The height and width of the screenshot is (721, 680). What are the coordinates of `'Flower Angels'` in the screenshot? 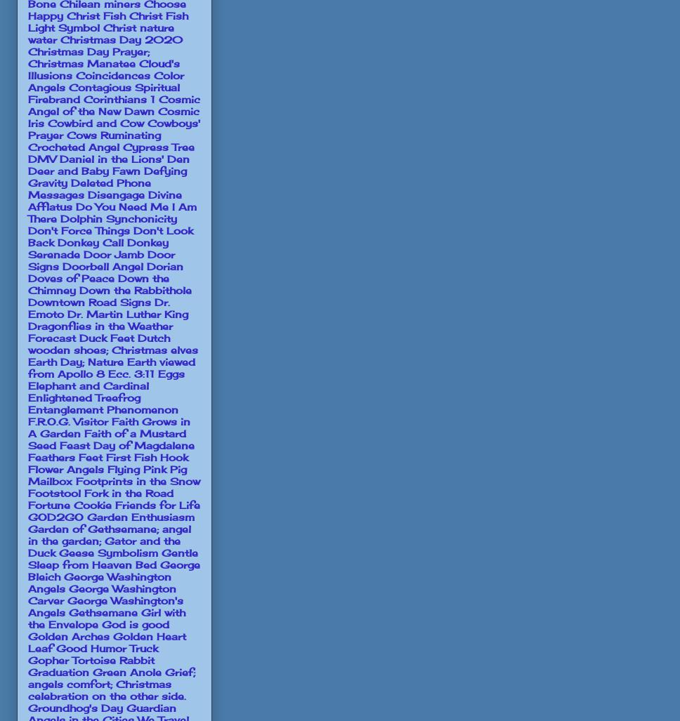 It's located at (65, 468).